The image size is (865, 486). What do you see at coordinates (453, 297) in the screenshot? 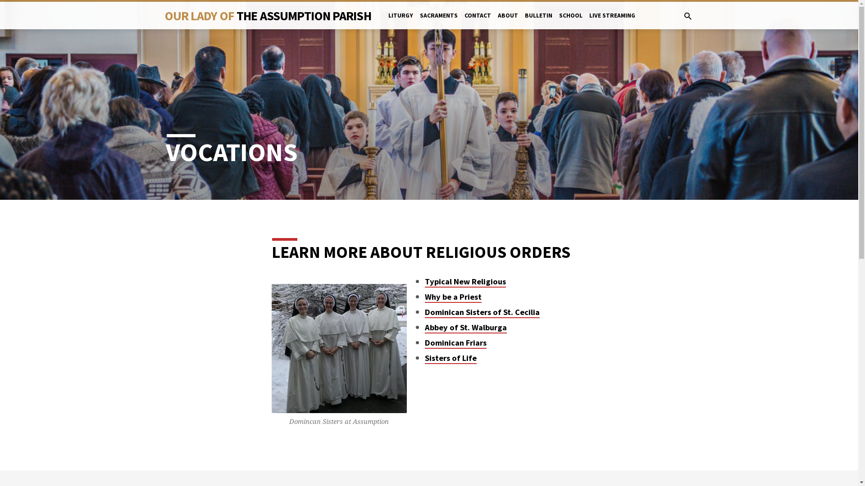
I see `'Why be a Priest'` at bounding box center [453, 297].